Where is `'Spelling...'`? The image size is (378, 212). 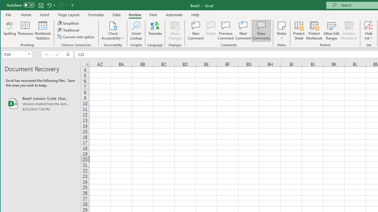 'Spelling...' is located at coordinates (10, 31).